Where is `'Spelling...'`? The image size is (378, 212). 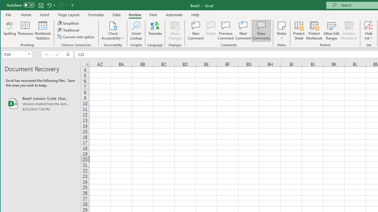 'Spelling...' is located at coordinates (10, 31).